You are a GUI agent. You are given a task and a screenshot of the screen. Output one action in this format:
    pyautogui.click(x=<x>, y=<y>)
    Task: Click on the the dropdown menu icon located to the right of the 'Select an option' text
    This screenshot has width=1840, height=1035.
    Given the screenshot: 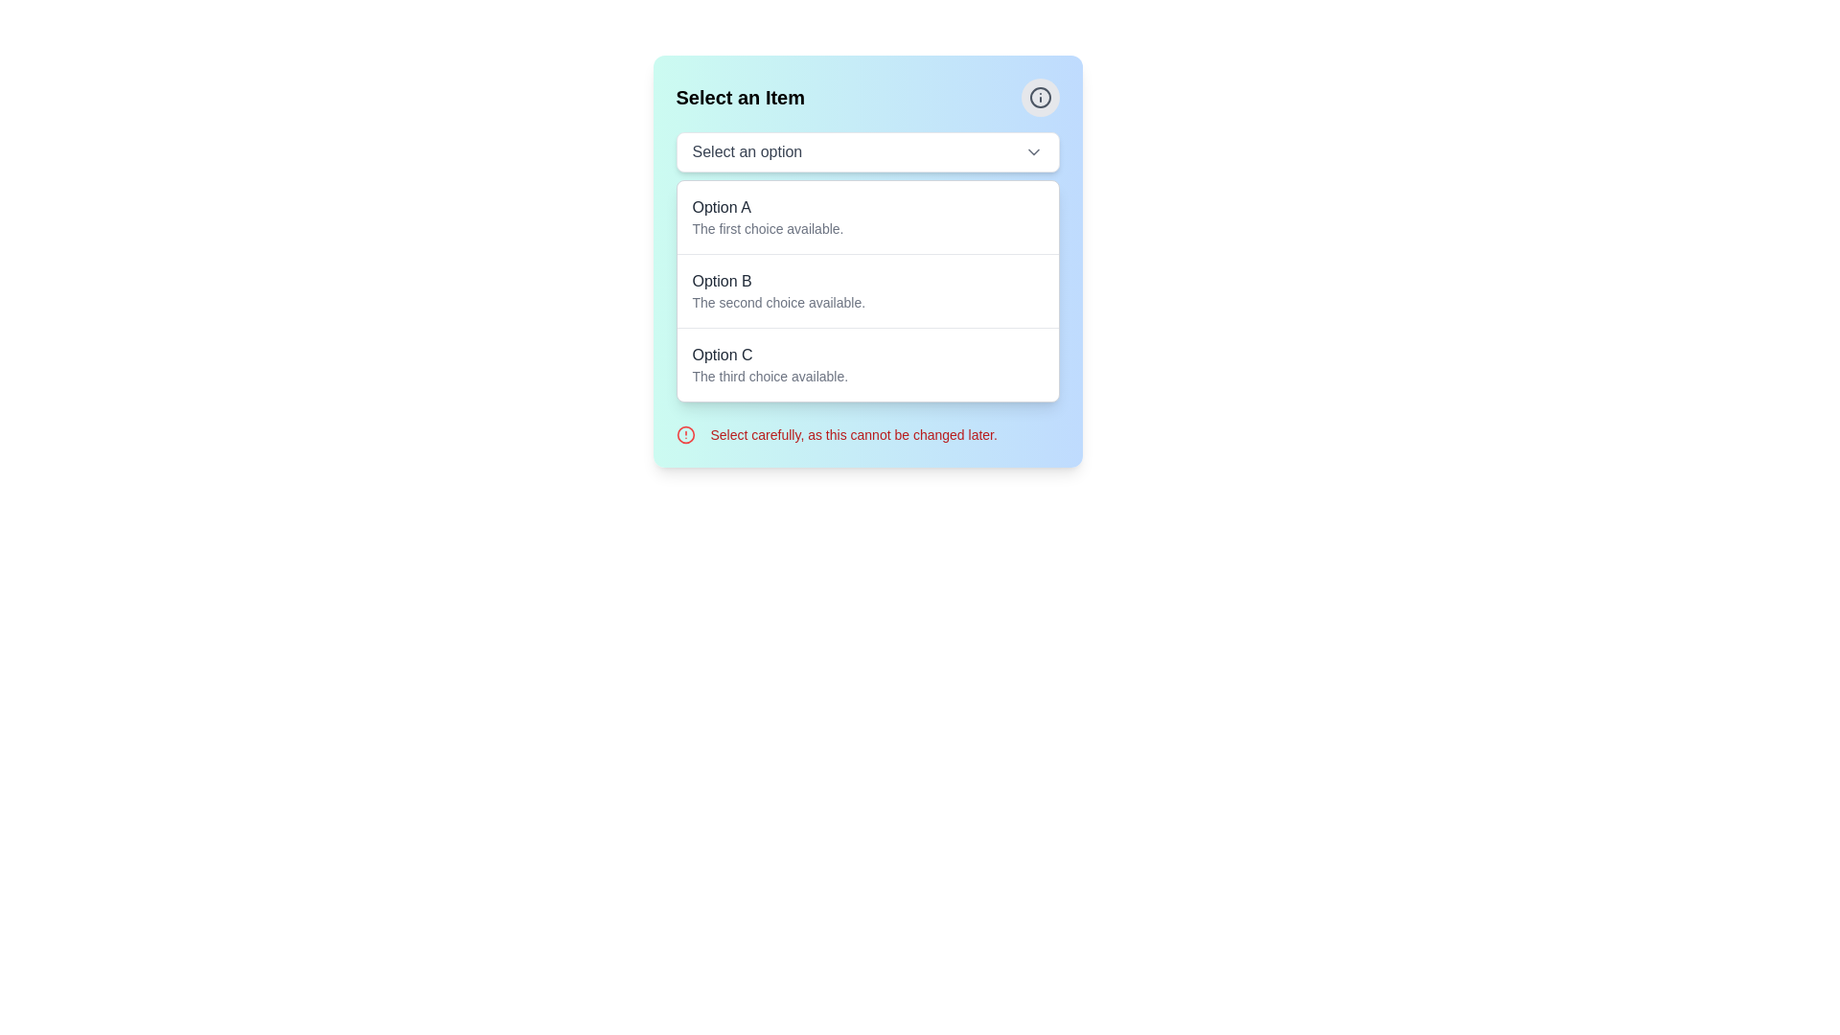 What is the action you would take?
    pyautogui.click(x=1032, y=150)
    